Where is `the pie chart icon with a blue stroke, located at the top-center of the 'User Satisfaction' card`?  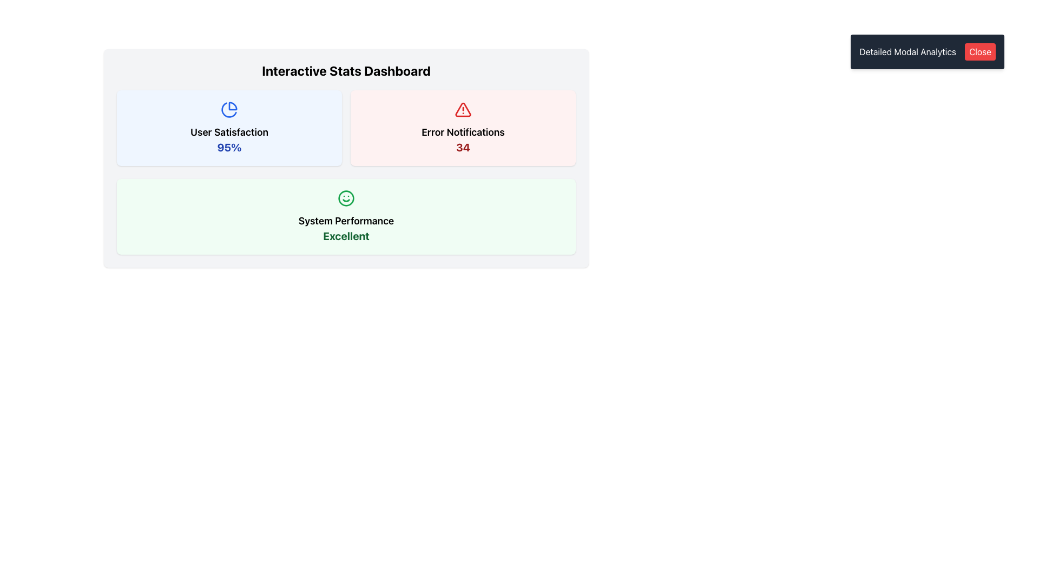 the pie chart icon with a blue stroke, located at the top-center of the 'User Satisfaction' card is located at coordinates (228, 110).